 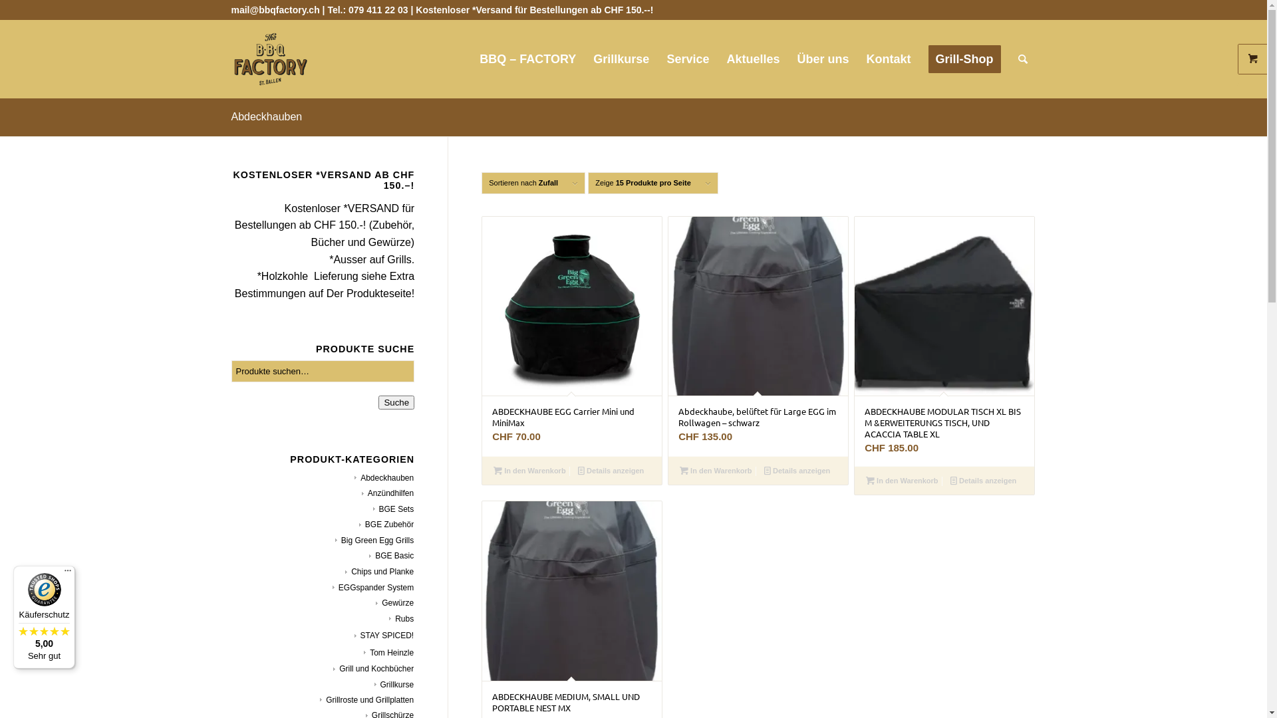 What do you see at coordinates (382, 635) in the screenshot?
I see `'STAY SPICED!'` at bounding box center [382, 635].